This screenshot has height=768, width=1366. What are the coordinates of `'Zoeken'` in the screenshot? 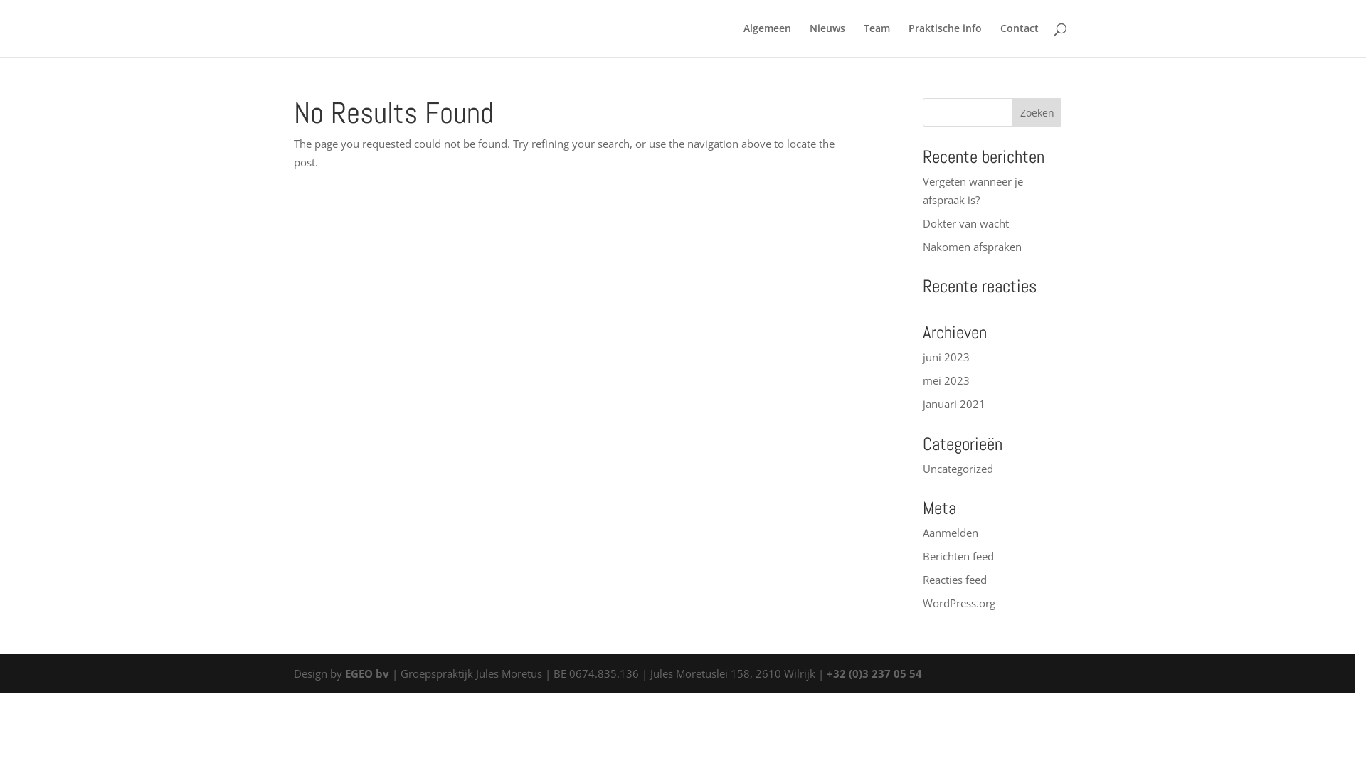 It's located at (1011, 112).